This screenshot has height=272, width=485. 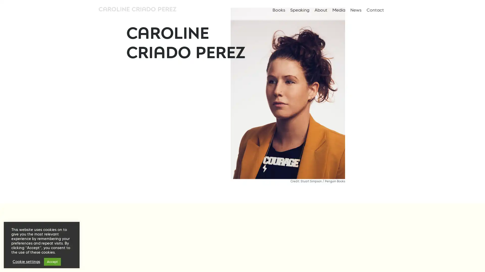 What do you see at coordinates (192, 156) in the screenshot?
I see `Submit` at bounding box center [192, 156].